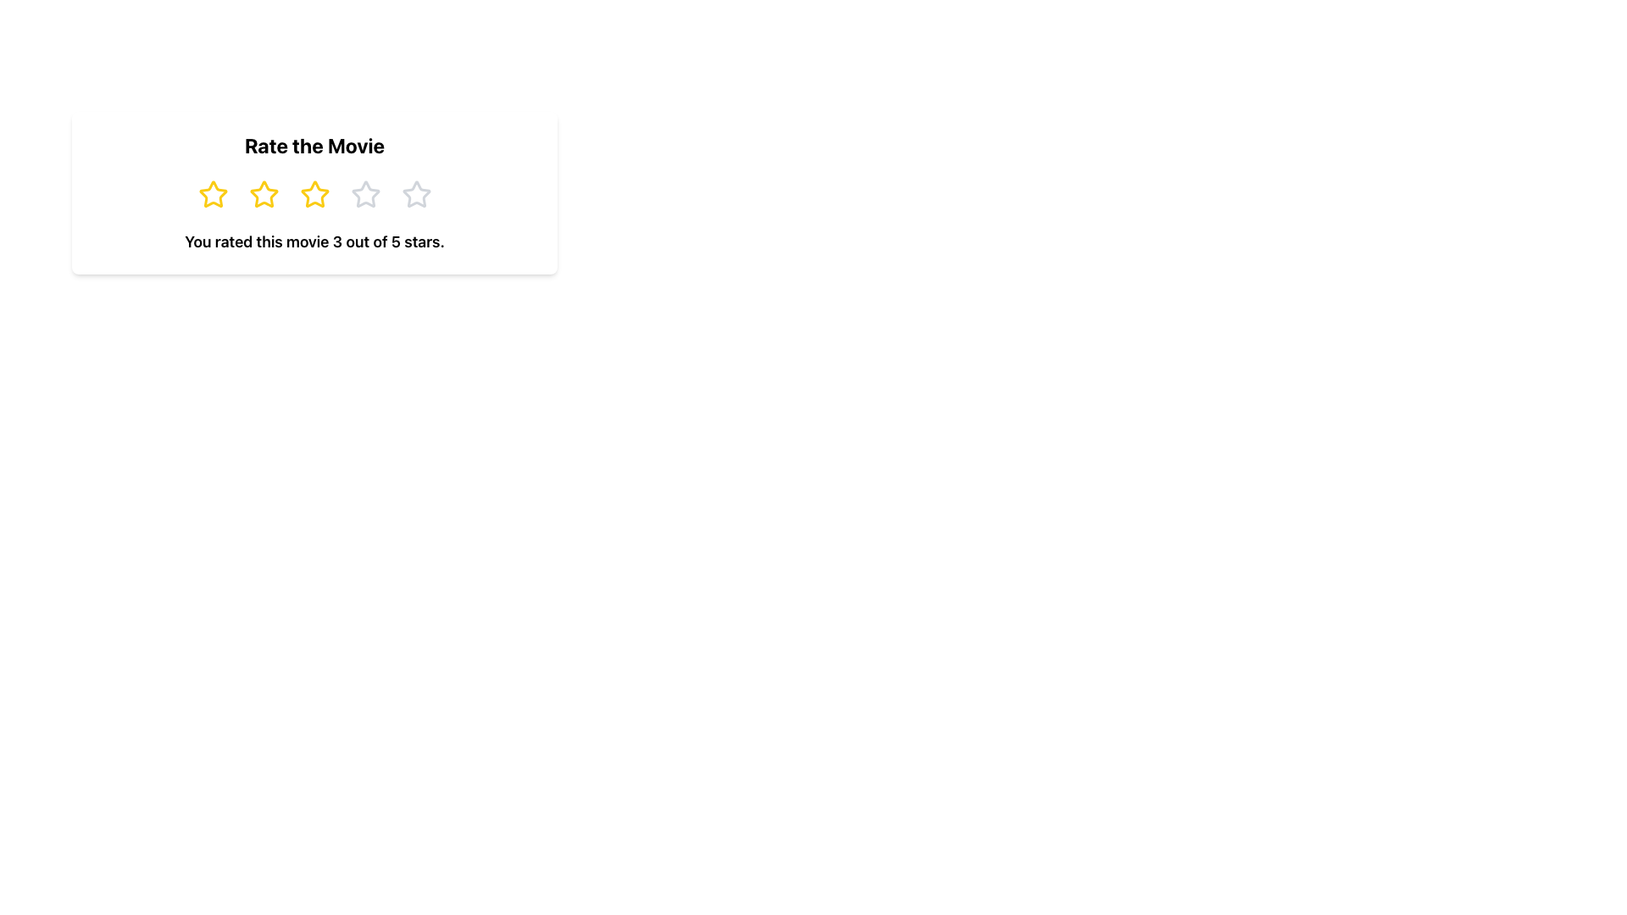  What do you see at coordinates (263, 194) in the screenshot?
I see `the second star icon in the rating group to set a rating of 2 stars for the movie` at bounding box center [263, 194].